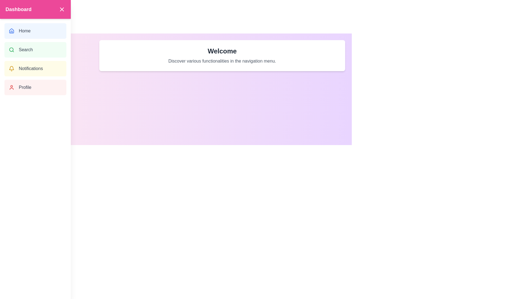 Image resolution: width=531 pixels, height=299 pixels. What do you see at coordinates (62, 9) in the screenshot?
I see `the decorative 'X' symbol within the interactive icon located in the navigation bar at the top left of the application, specifically at the top of the pink section labeled 'Dashboard'` at bounding box center [62, 9].